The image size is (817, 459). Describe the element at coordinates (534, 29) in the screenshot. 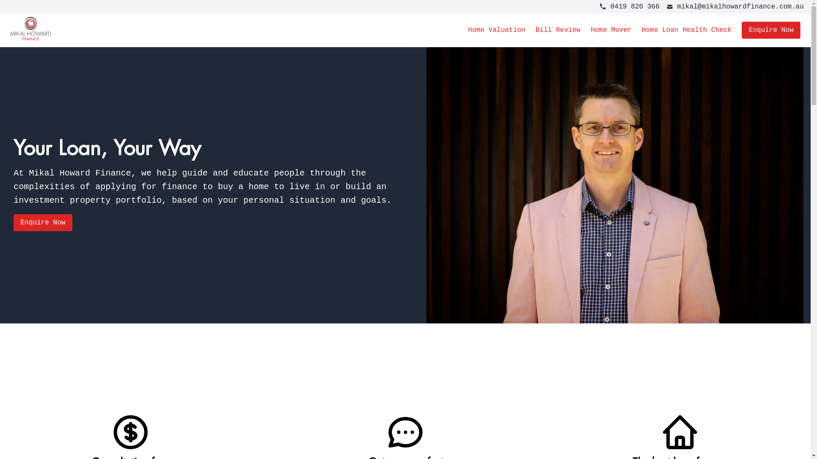

I see `'Bill Review'` at that location.